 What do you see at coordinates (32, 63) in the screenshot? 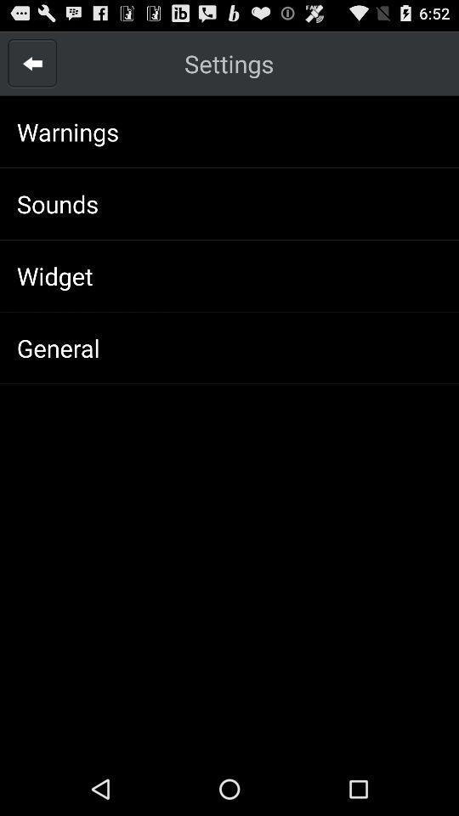
I see `previous screen` at bounding box center [32, 63].